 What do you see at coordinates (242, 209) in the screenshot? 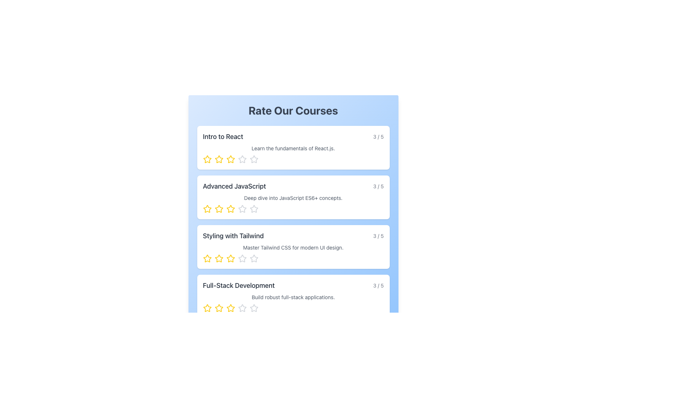
I see `the fourth star icon in the rating row for the Advanced JavaScript course` at bounding box center [242, 209].